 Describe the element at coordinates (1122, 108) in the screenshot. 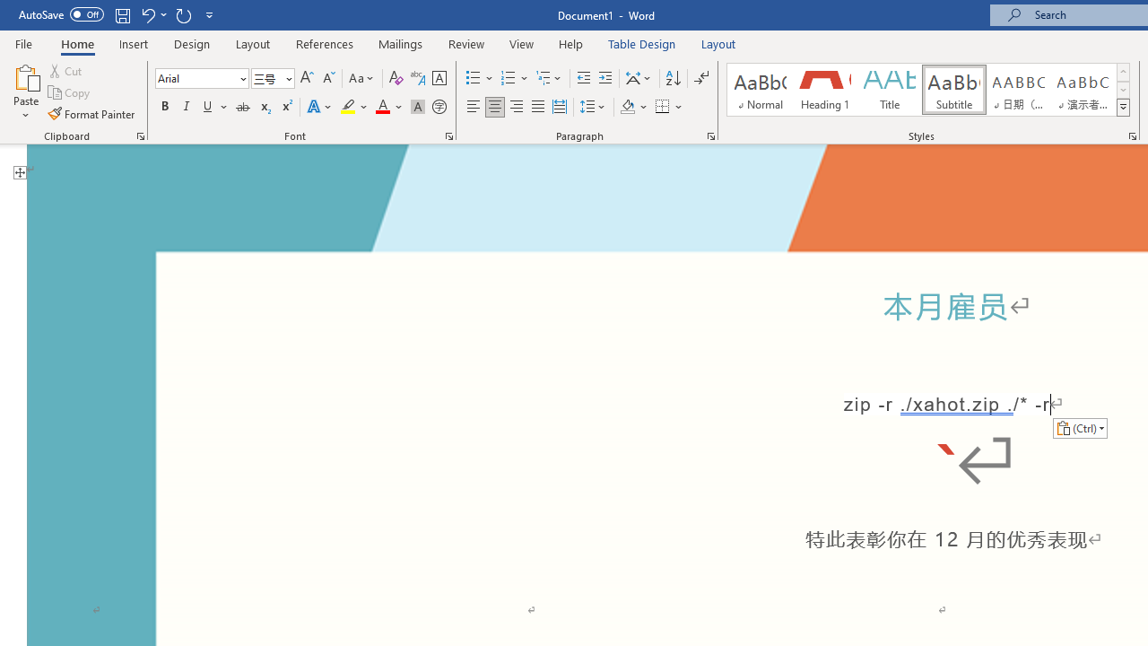

I see `'Styles'` at that location.